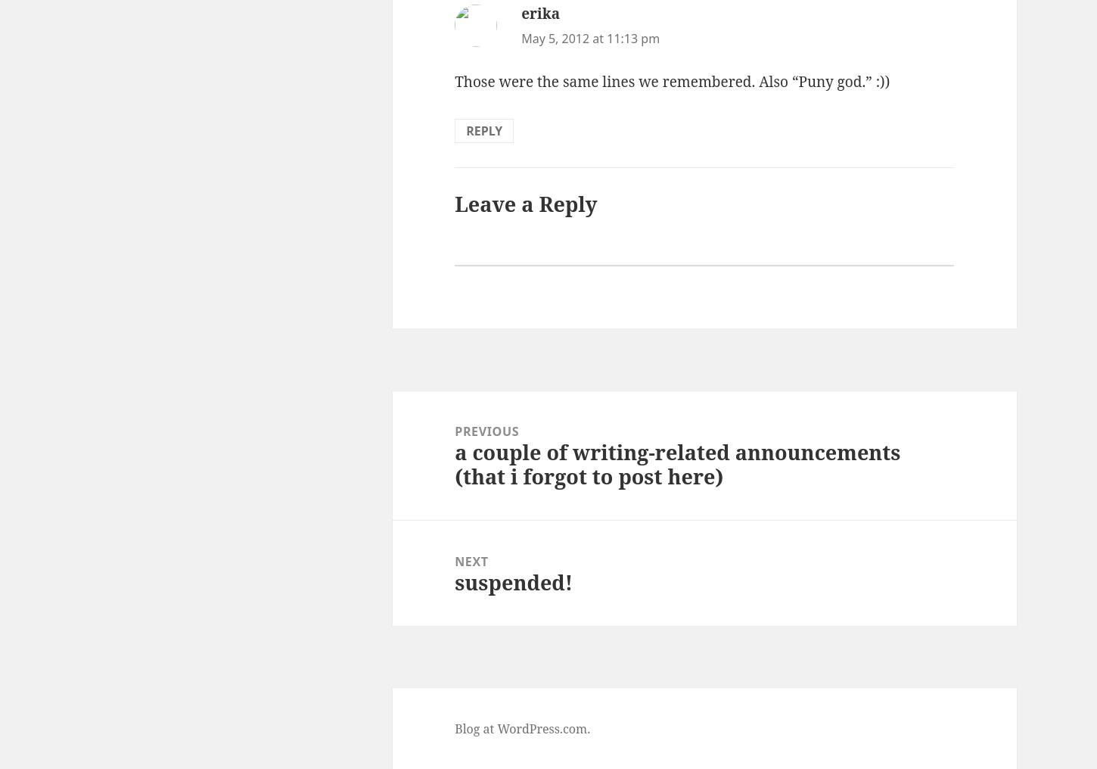 Image resolution: width=1097 pixels, height=769 pixels. I want to click on 'a couple of writing-related announcements (that i forgot to post here)', so click(676, 464).